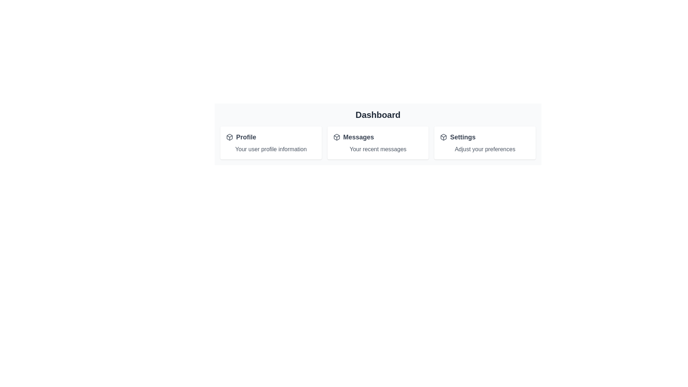 This screenshot has height=387, width=688. Describe the element at coordinates (230, 137) in the screenshot. I see `the main part of the 'Profile' icon located at the top section of the card, which is represented by a stylized box structure` at that location.